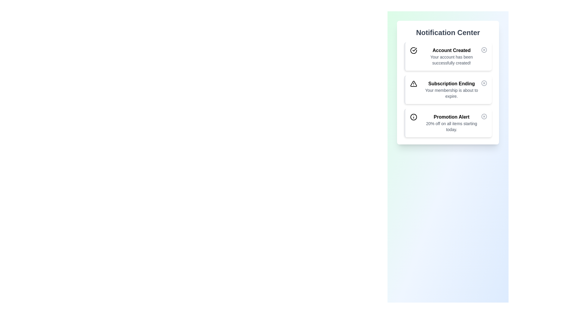 This screenshot has height=321, width=571. What do you see at coordinates (451, 56) in the screenshot?
I see `the success notification text display in the Notification Center, which confirms the account creation process was successful and is located within a green-bordered notification box` at bounding box center [451, 56].